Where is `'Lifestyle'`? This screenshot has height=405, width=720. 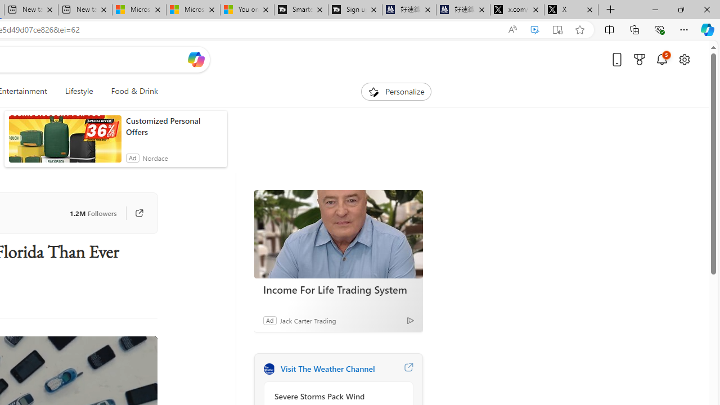 'Lifestyle' is located at coordinates (78, 91).